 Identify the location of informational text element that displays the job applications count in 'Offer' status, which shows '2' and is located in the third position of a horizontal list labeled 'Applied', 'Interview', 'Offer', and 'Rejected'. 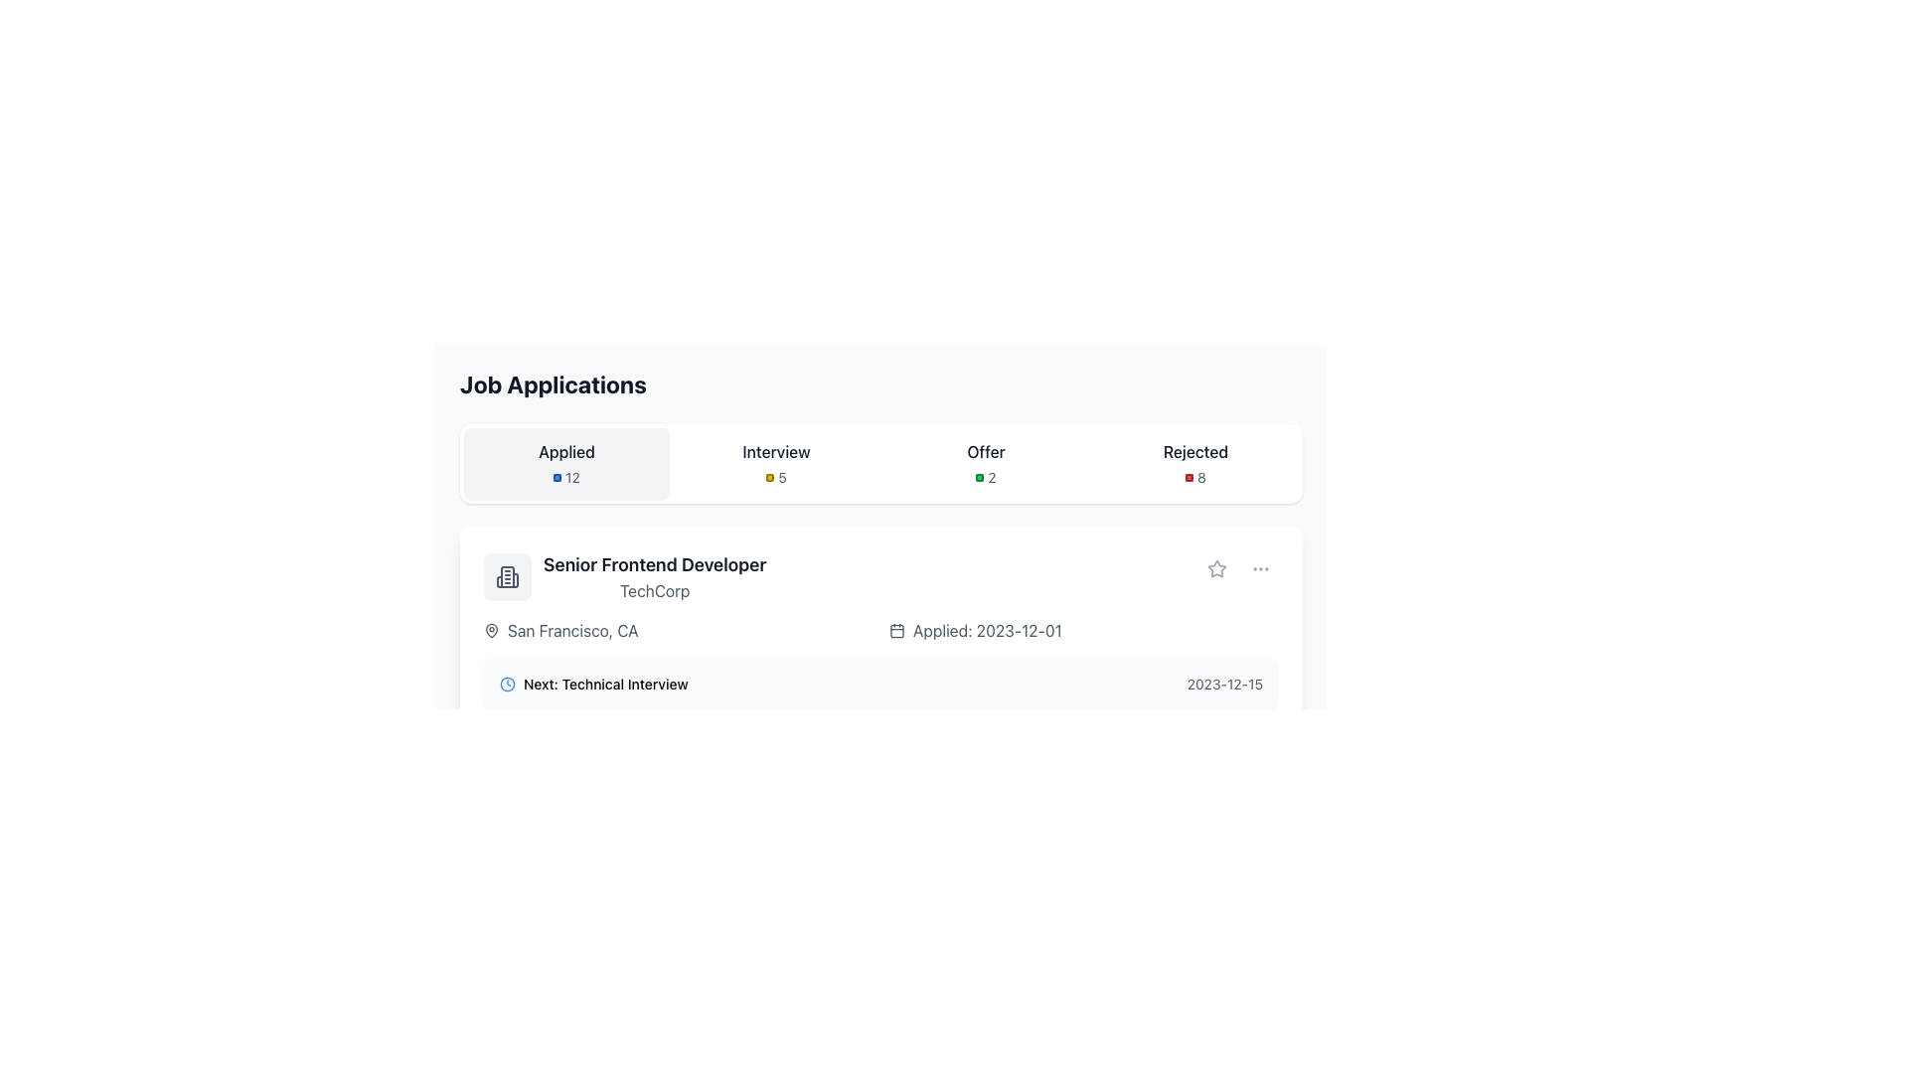
(986, 463).